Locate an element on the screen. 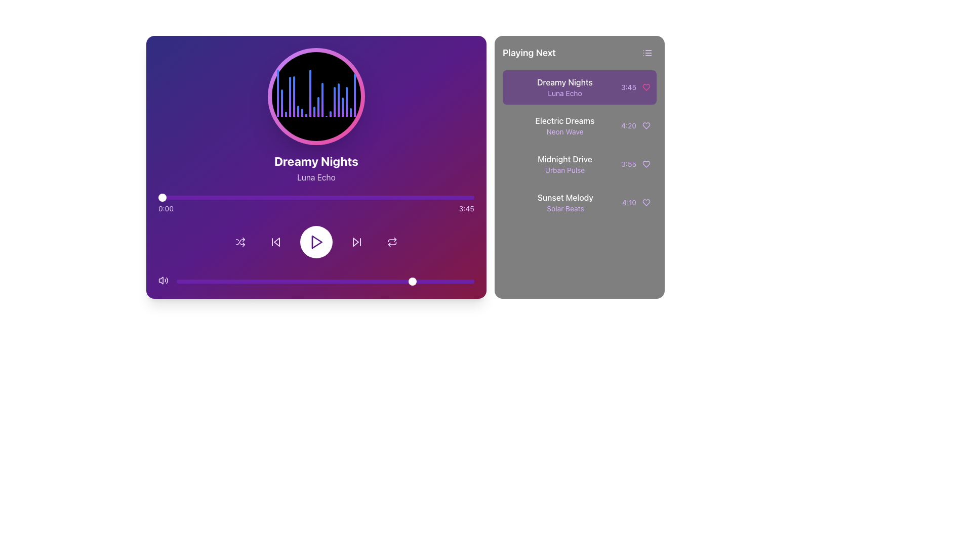 This screenshot has width=972, height=546. the triangular 'skip forward' button located in the media player interface, which is styled with a white stroke color against a purple background, to skip forward to the next track is located at coordinates (357, 242).